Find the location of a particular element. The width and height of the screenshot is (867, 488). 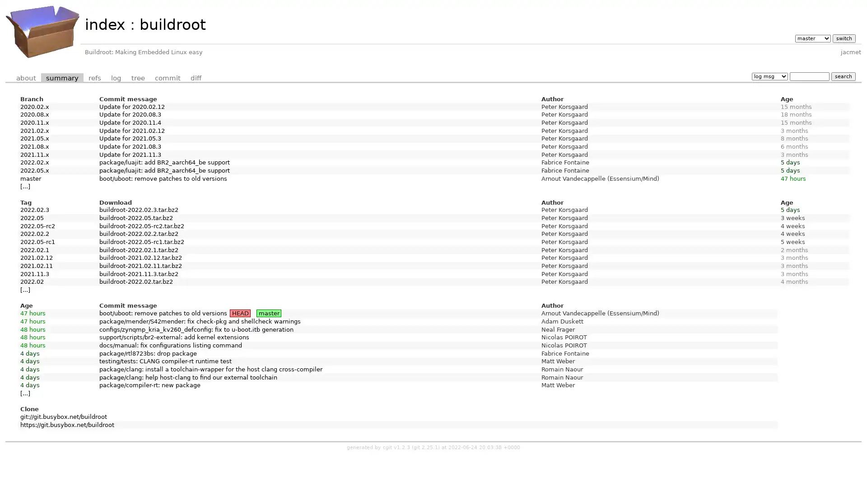

search is located at coordinates (843, 75).